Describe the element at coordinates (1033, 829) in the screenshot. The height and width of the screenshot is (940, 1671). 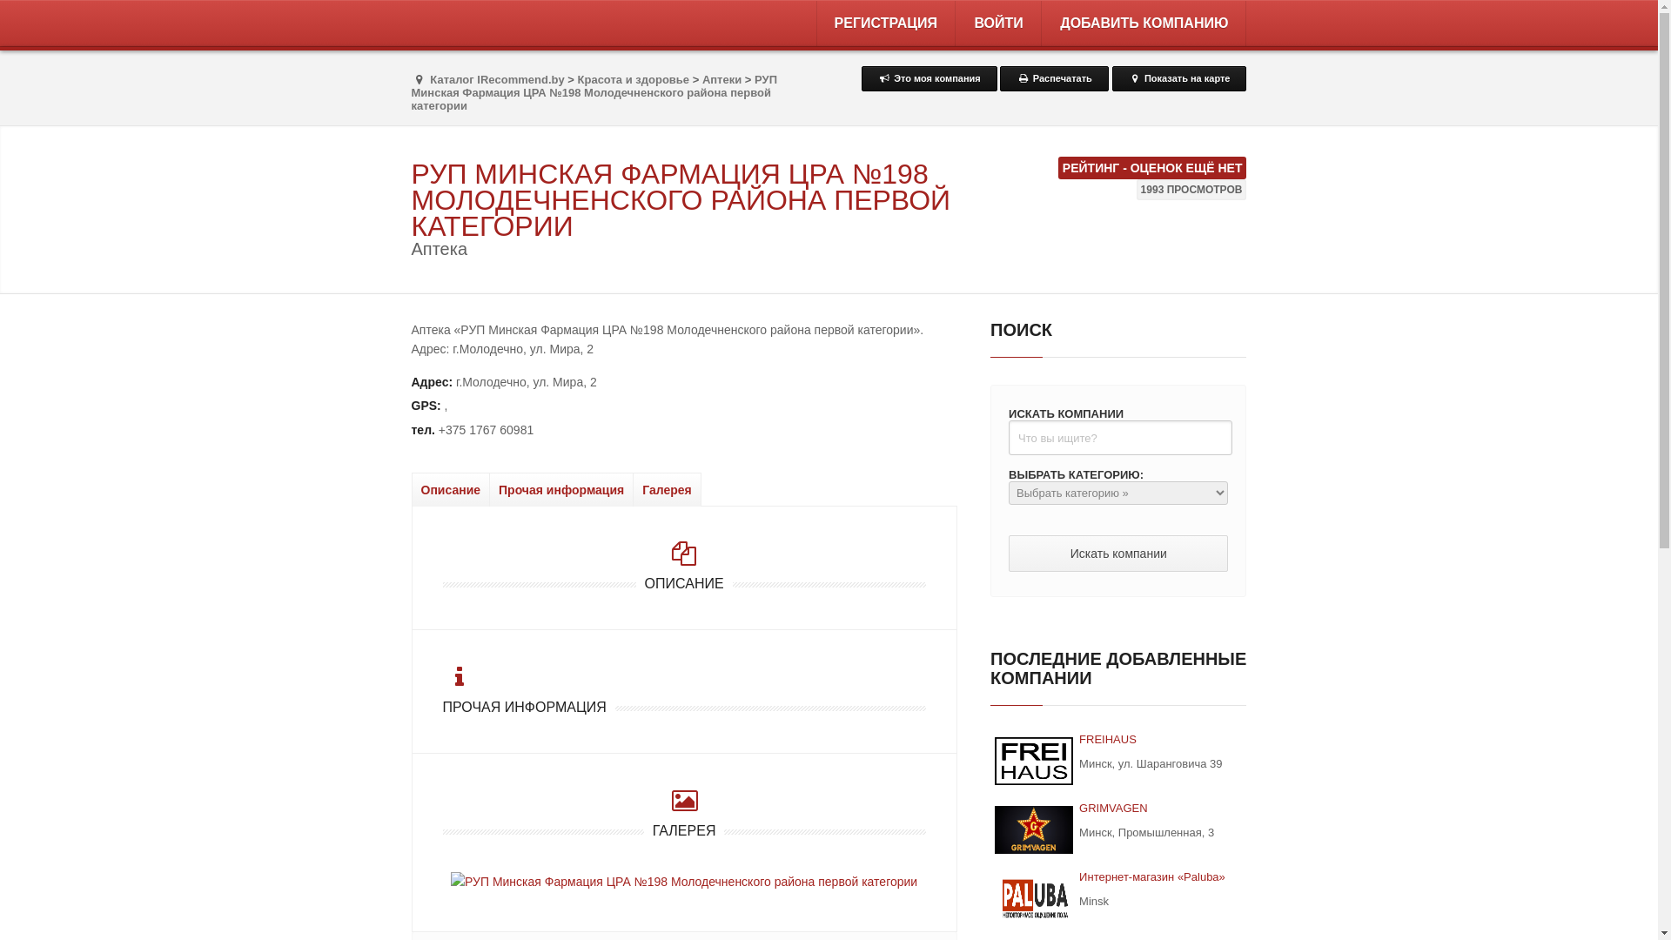
I see `'GRIMVAGEN'` at that location.